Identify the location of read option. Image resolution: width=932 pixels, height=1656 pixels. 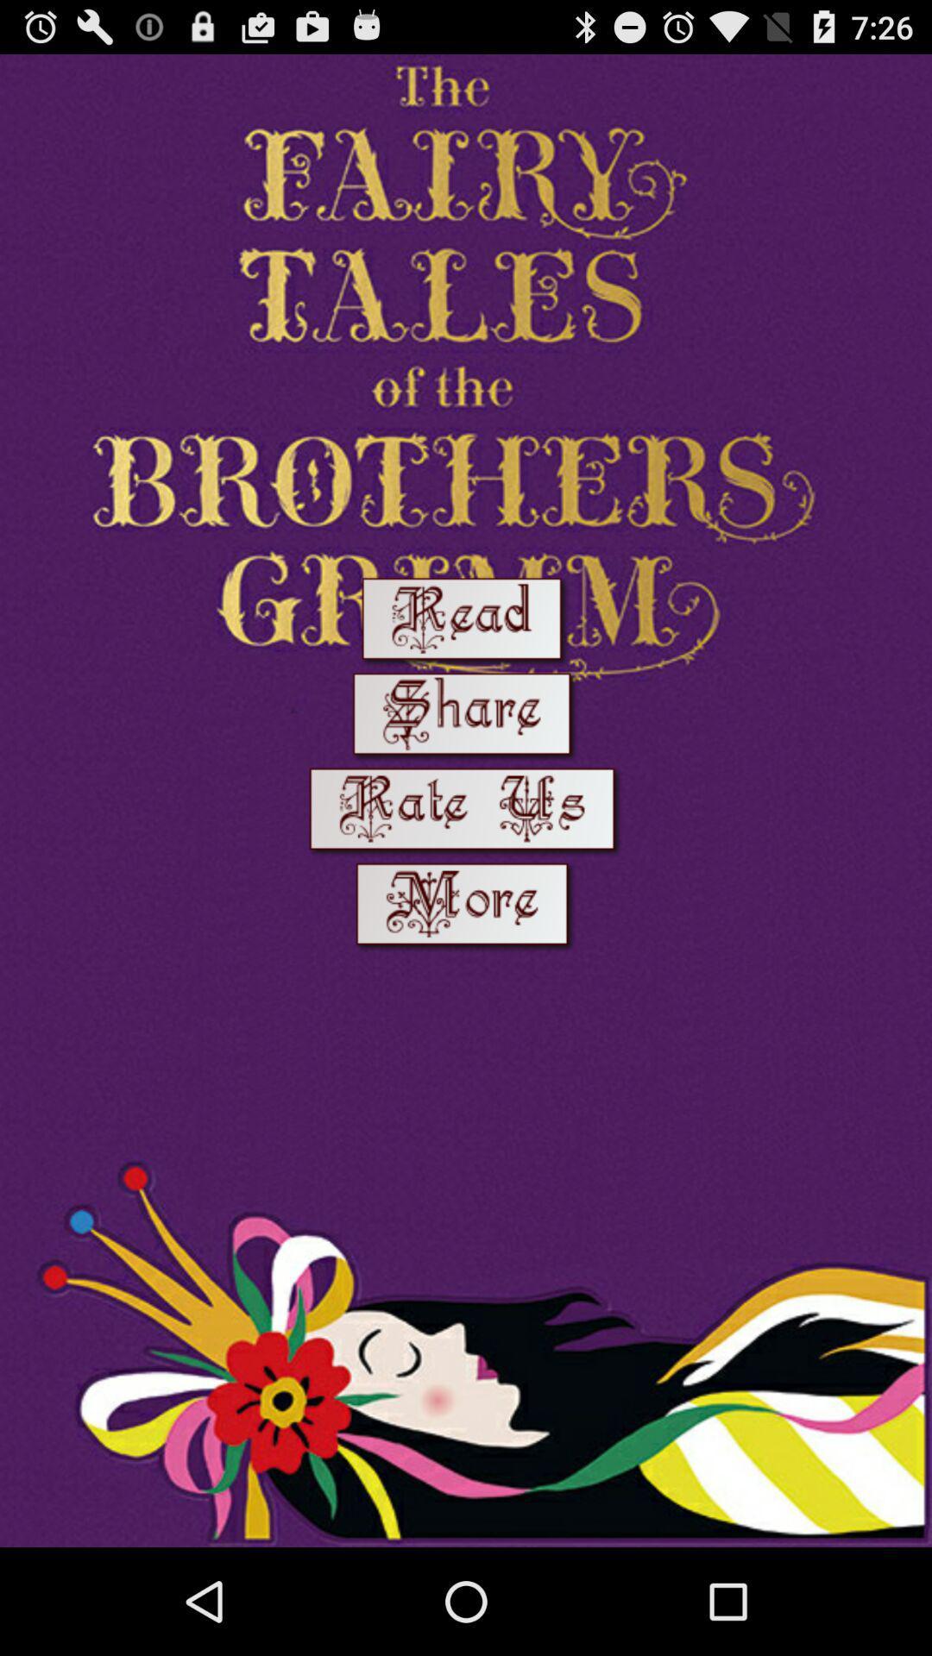
(464, 621).